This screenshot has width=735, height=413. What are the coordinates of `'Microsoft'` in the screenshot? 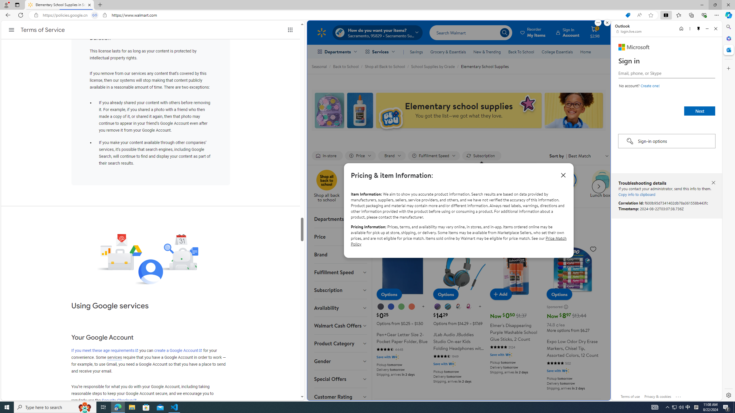 It's located at (634, 47).